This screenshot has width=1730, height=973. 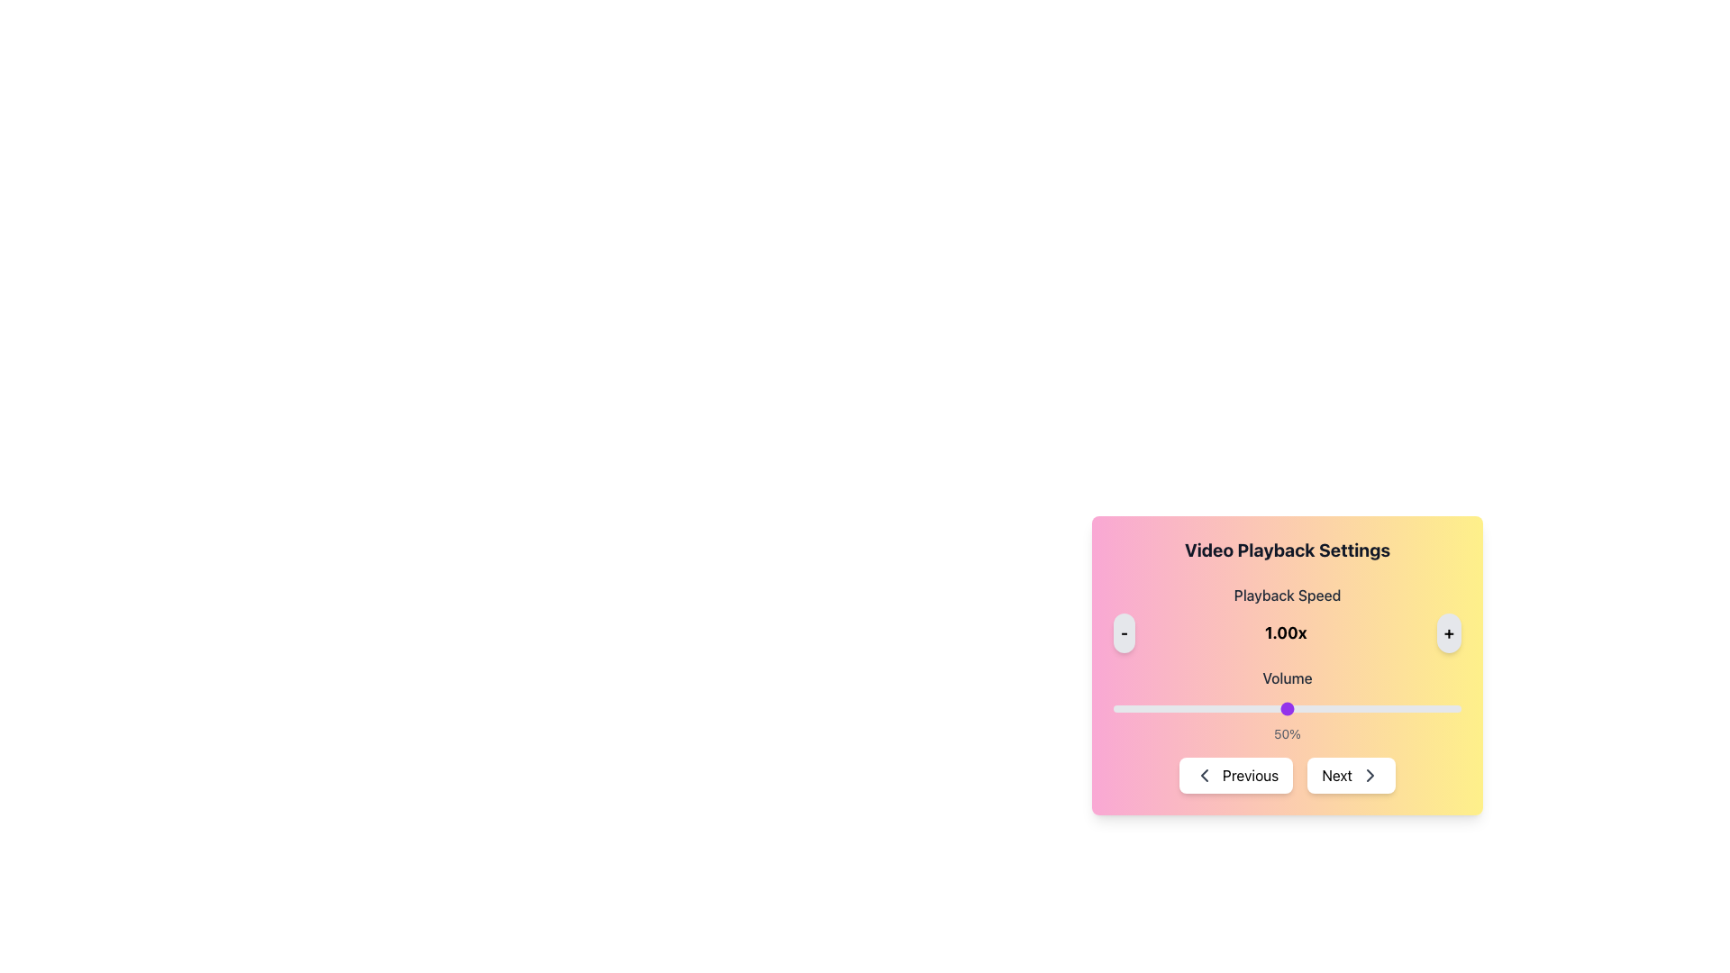 I want to click on the label displaying '1.00x', which is centered between the '-' and '+' buttons in the 'Playback Speed' section, so click(x=1287, y=632).